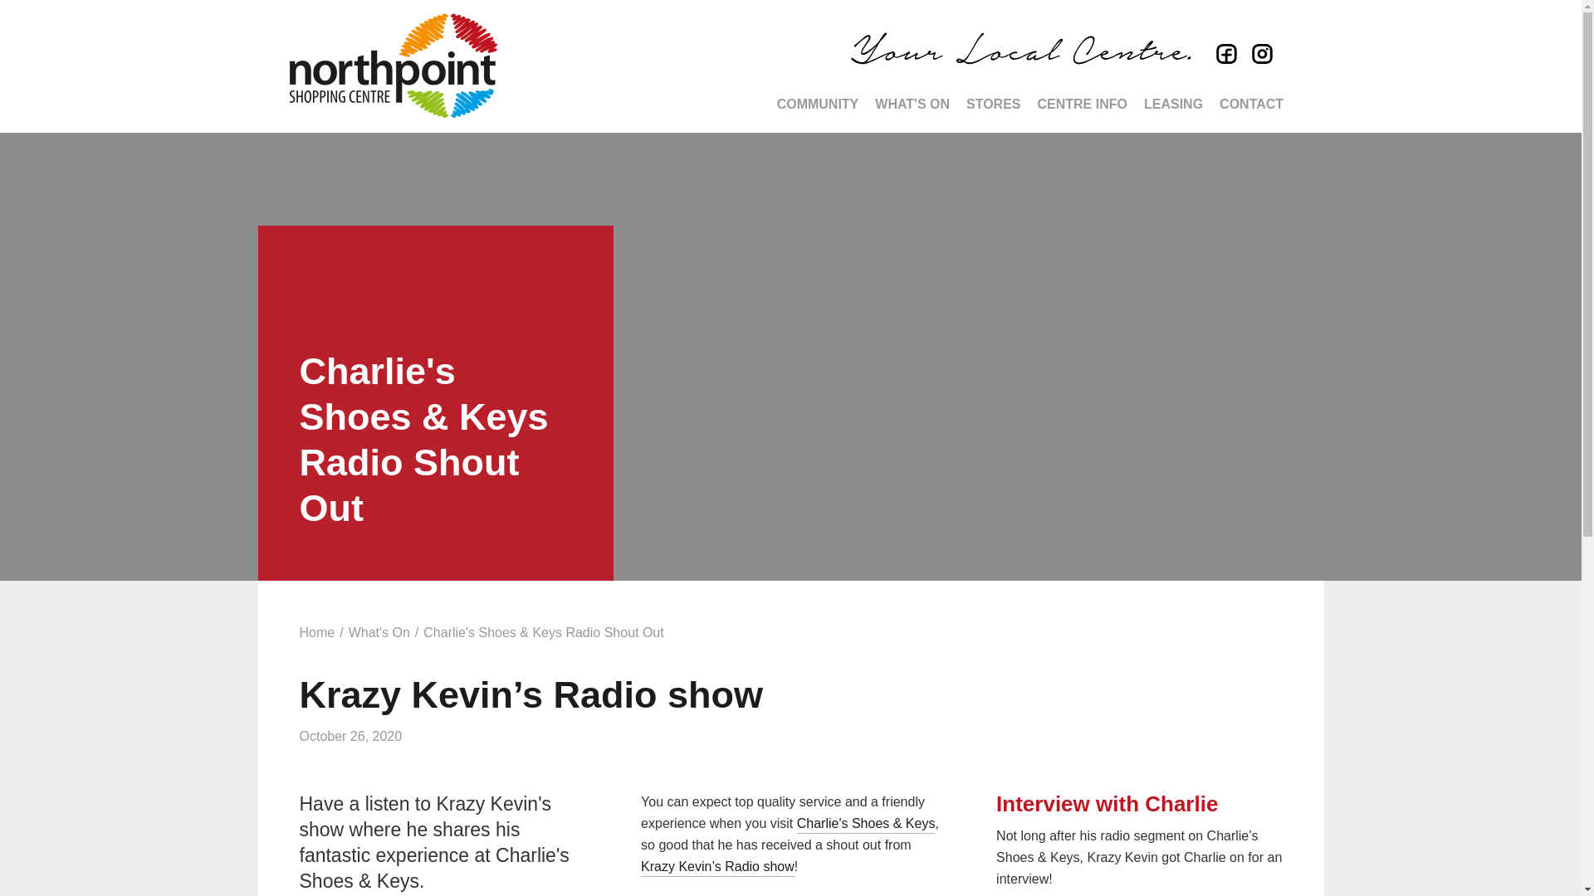  Describe the element at coordinates (1223, 54) in the screenshot. I see `'visit us on Facebook'` at that location.